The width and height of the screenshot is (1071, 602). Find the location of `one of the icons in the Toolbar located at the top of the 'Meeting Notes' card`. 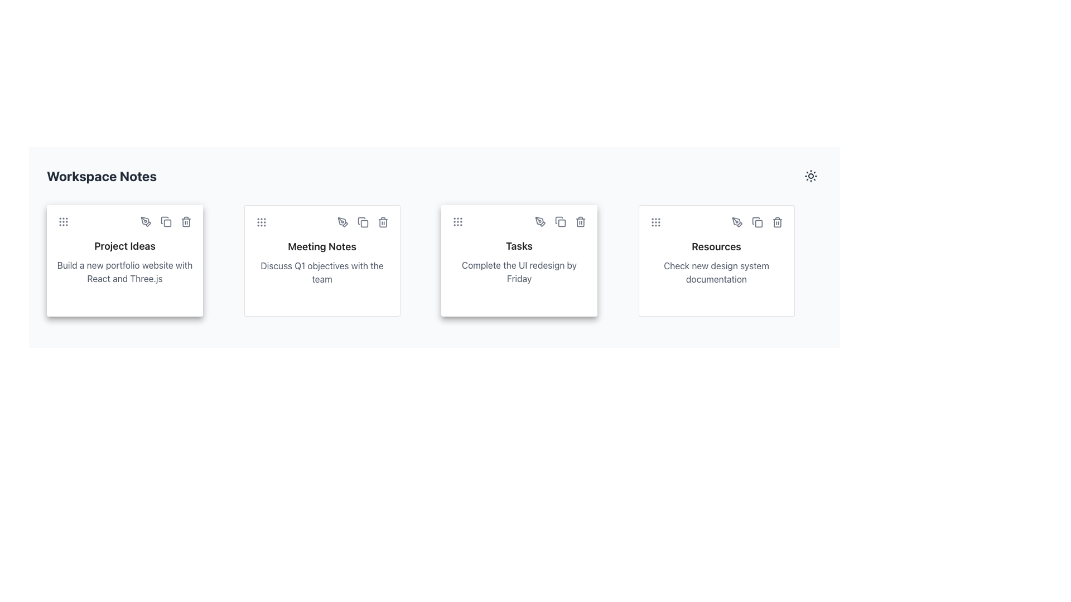

one of the icons in the Toolbar located at the top of the 'Meeting Notes' card is located at coordinates (321, 222).